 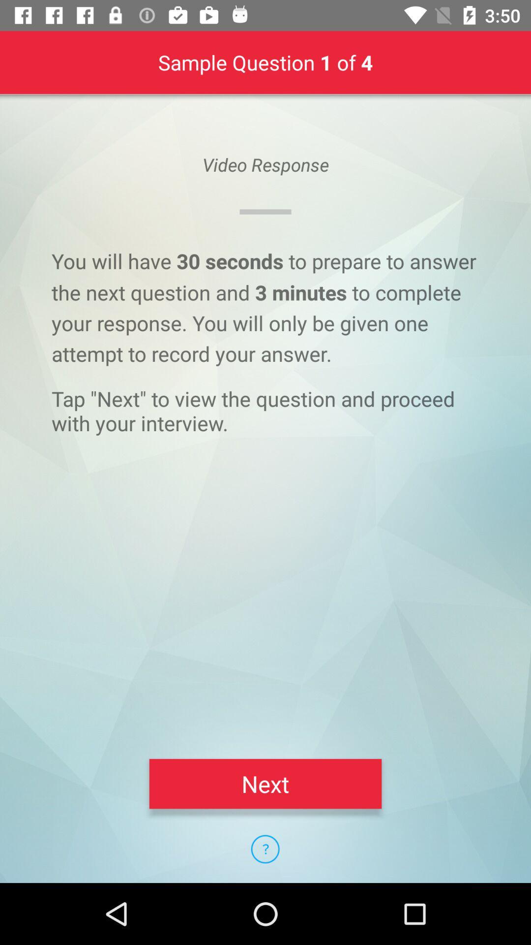 I want to click on the icon below the next item, so click(x=265, y=849).